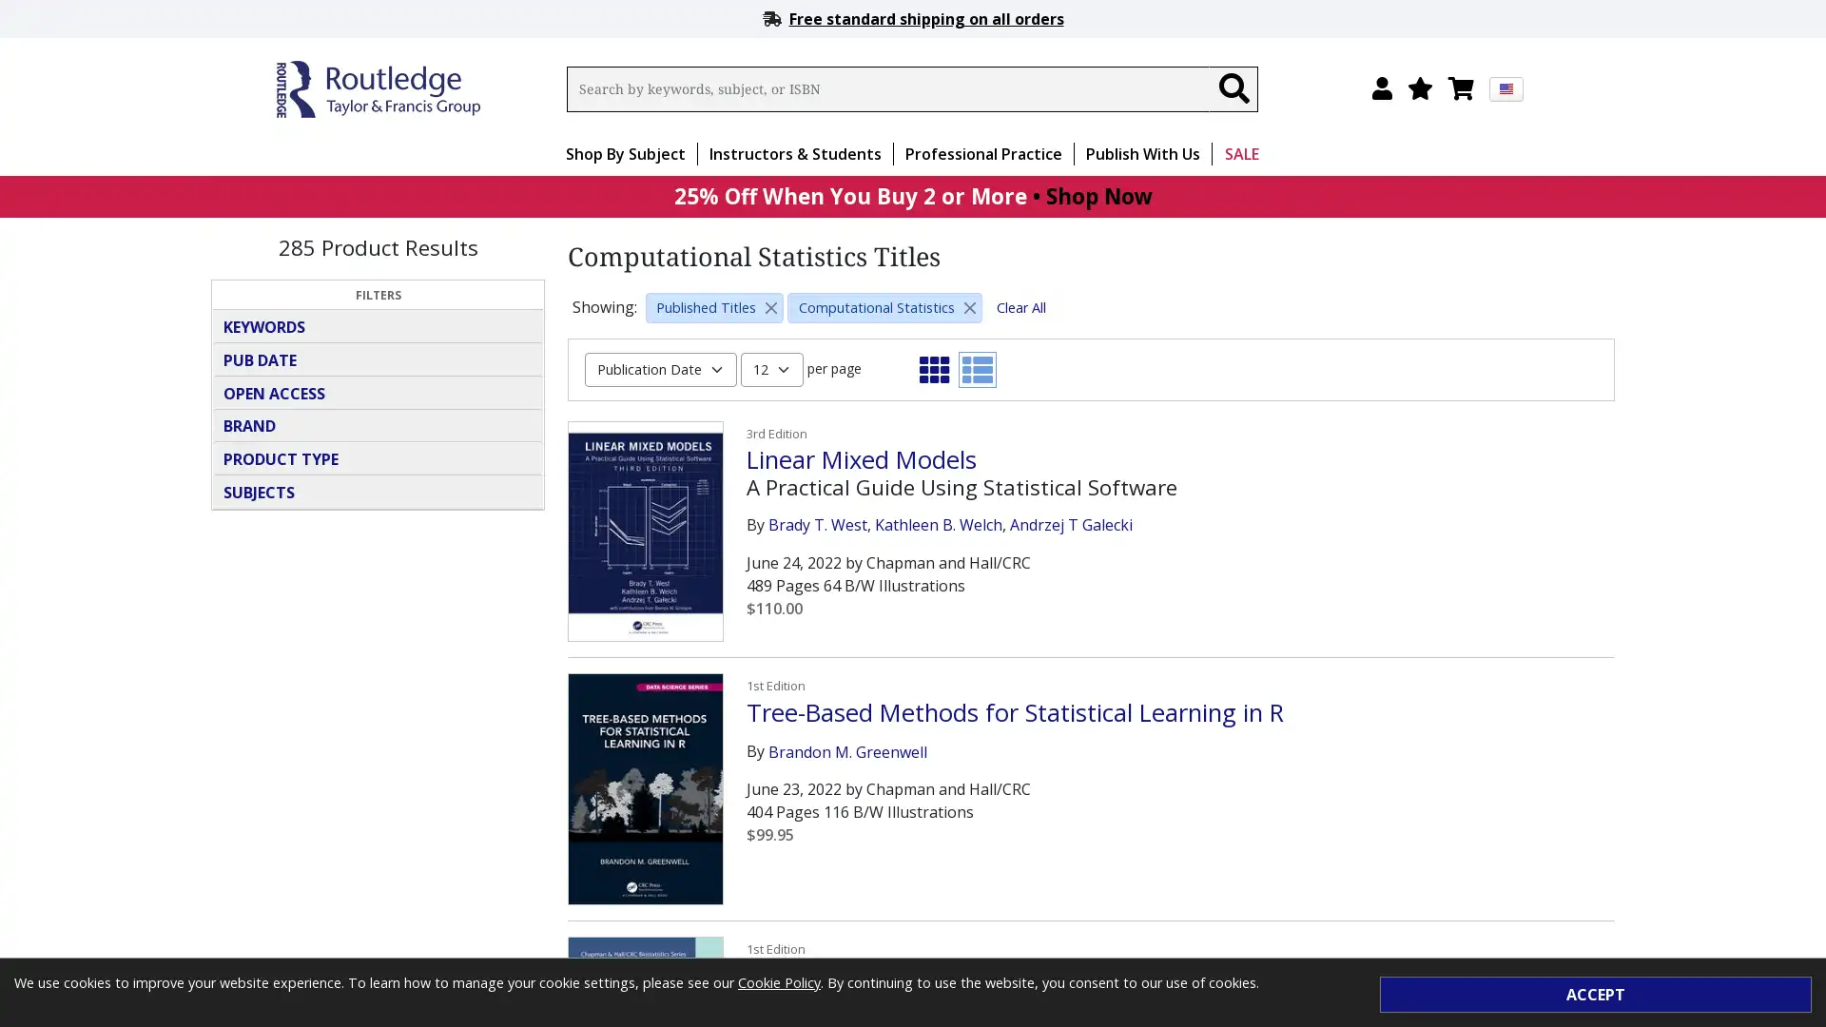 The height and width of the screenshot is (1027, 1826). I want to click on OPEN ACCESS, so click(378, 391).